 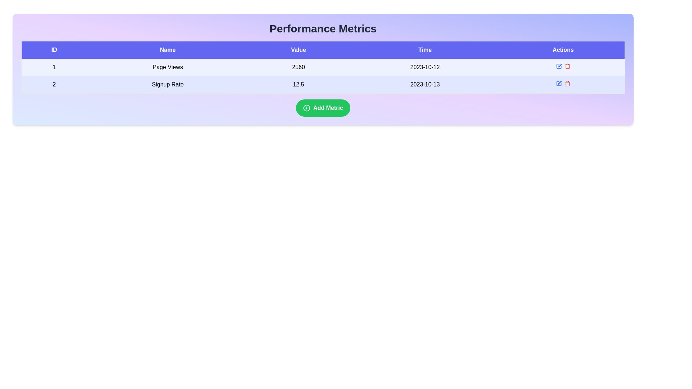 I want to click on the numeric value (12.5) displayed under the 'Value' header in the third column of the second row of the performance metrics table, corresponding to the 'Signup Rate', so click(x=298, y=84).